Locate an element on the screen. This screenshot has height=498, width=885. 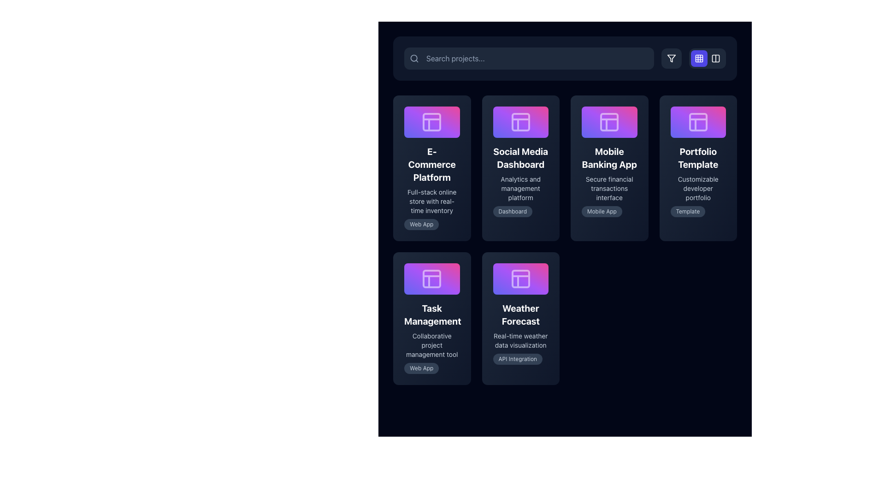
the decorative icon with a gradient background and a modular layout icon located at the top section of the 'Social Media Dashboard' card is located at coordinates (520, 121).